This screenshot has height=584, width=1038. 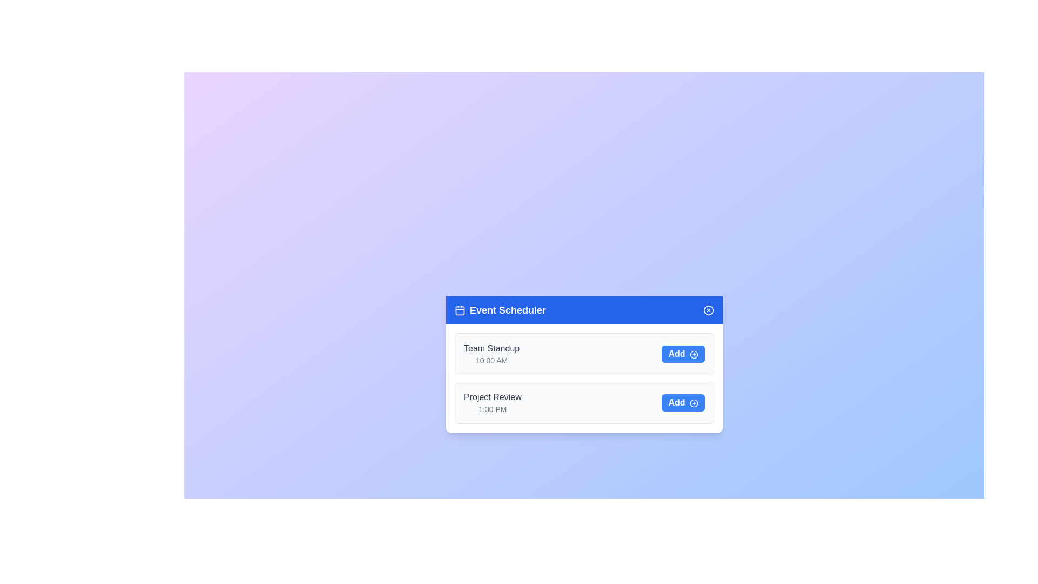 What do you see at coordinates (682, 354) in the screenshot?
I see `the 'Add' button for the event titled 'Team Standup'` at bounding box center [682, 354].